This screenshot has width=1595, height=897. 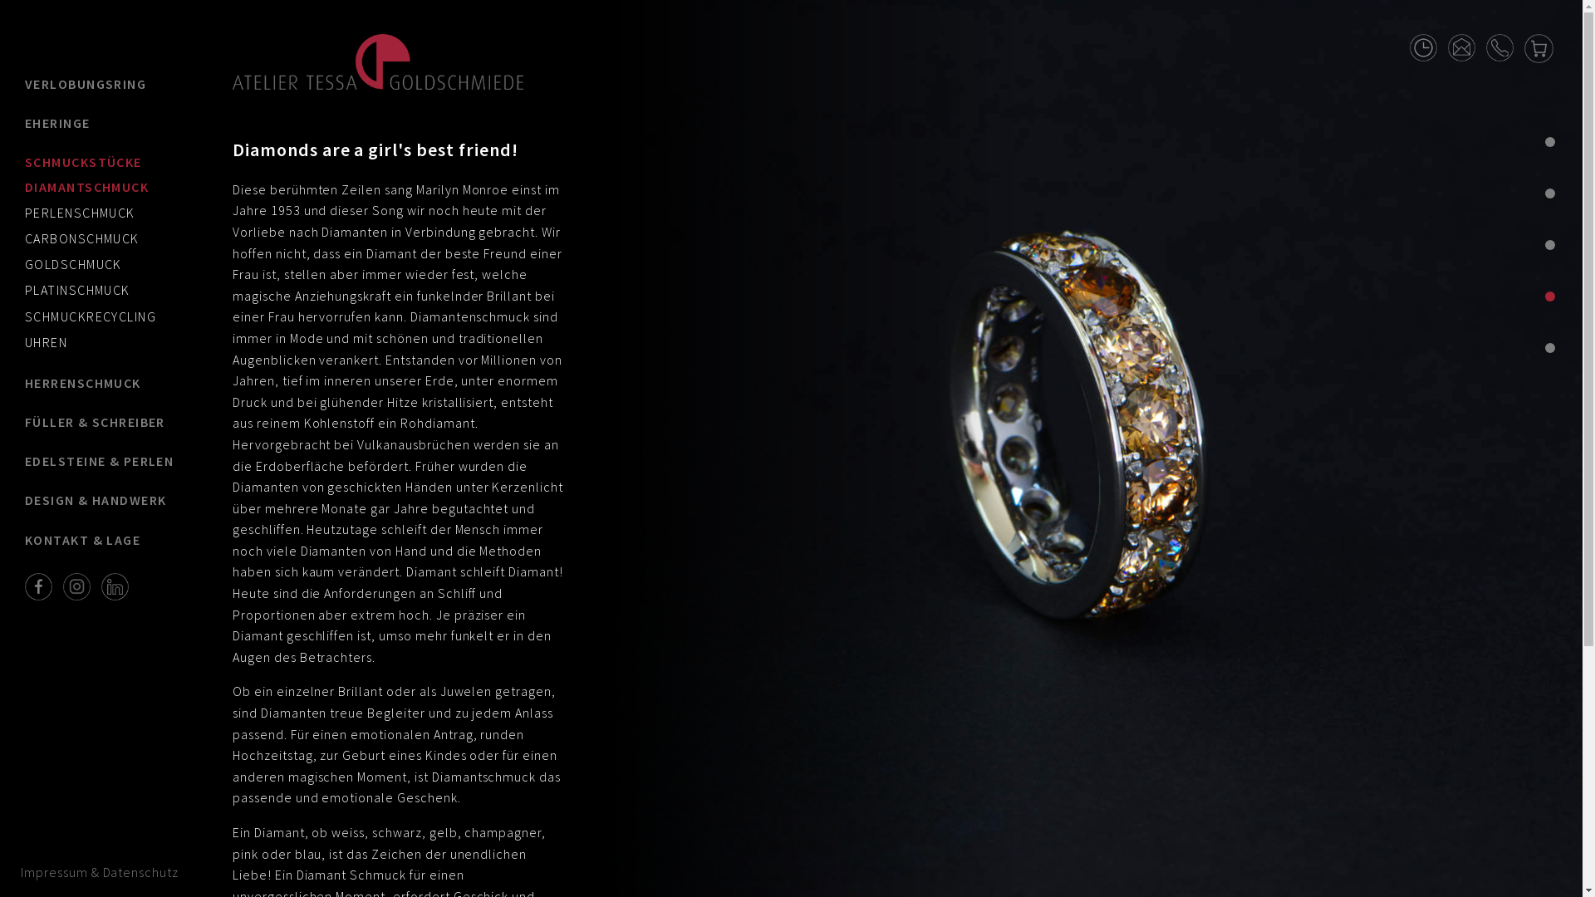 I want to click on 'SCHMUCKRECYCLING', so click(x=90, y=316).